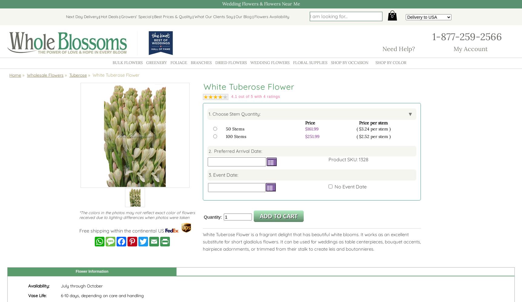  I want to click on '1-877-259-2566', so click(466, 36).